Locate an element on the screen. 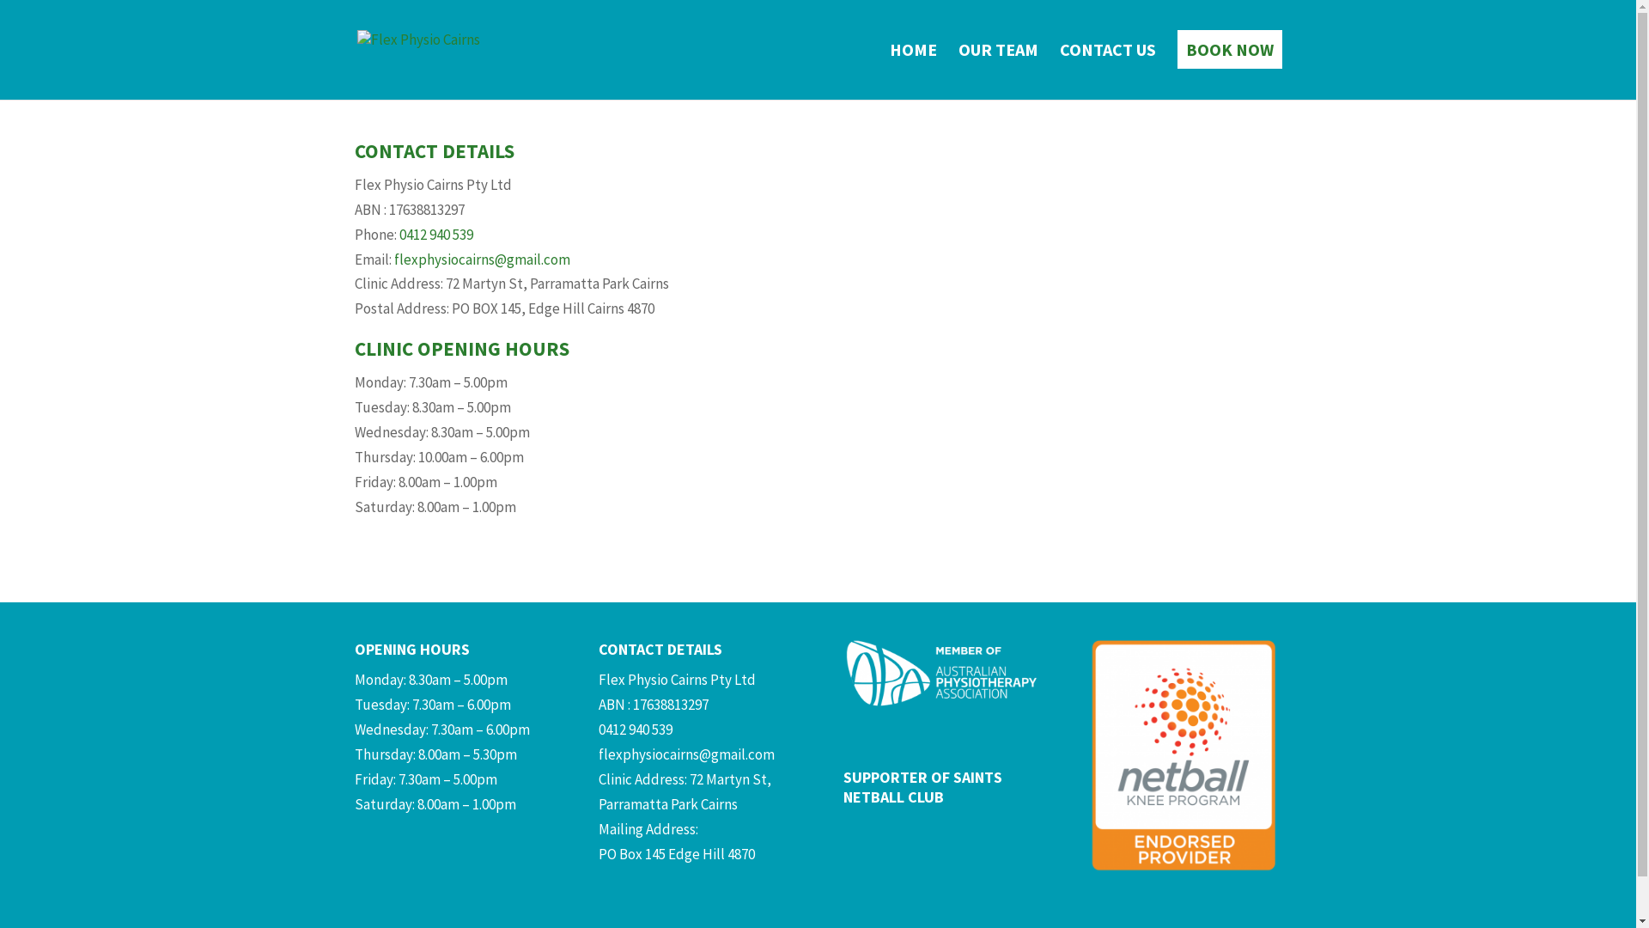  'BOOK NOW' is located at coordinates (1227, 70).